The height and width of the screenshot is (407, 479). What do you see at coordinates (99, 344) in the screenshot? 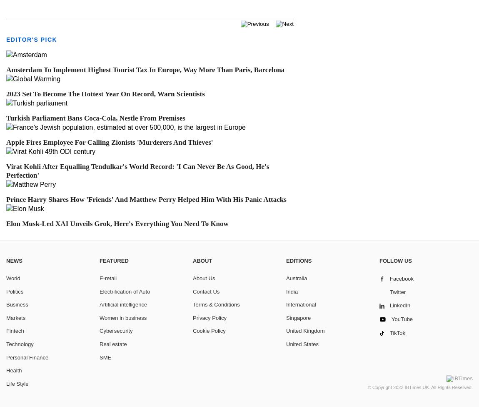
I see `'Real estate'` at bounding box center [99, 344].